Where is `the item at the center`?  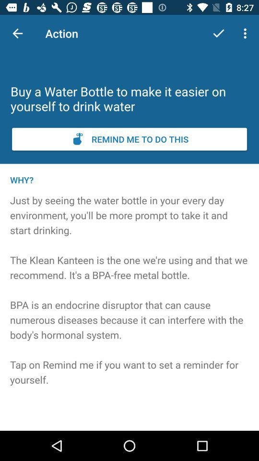
the item at the center is located at coordinates (129, 303).